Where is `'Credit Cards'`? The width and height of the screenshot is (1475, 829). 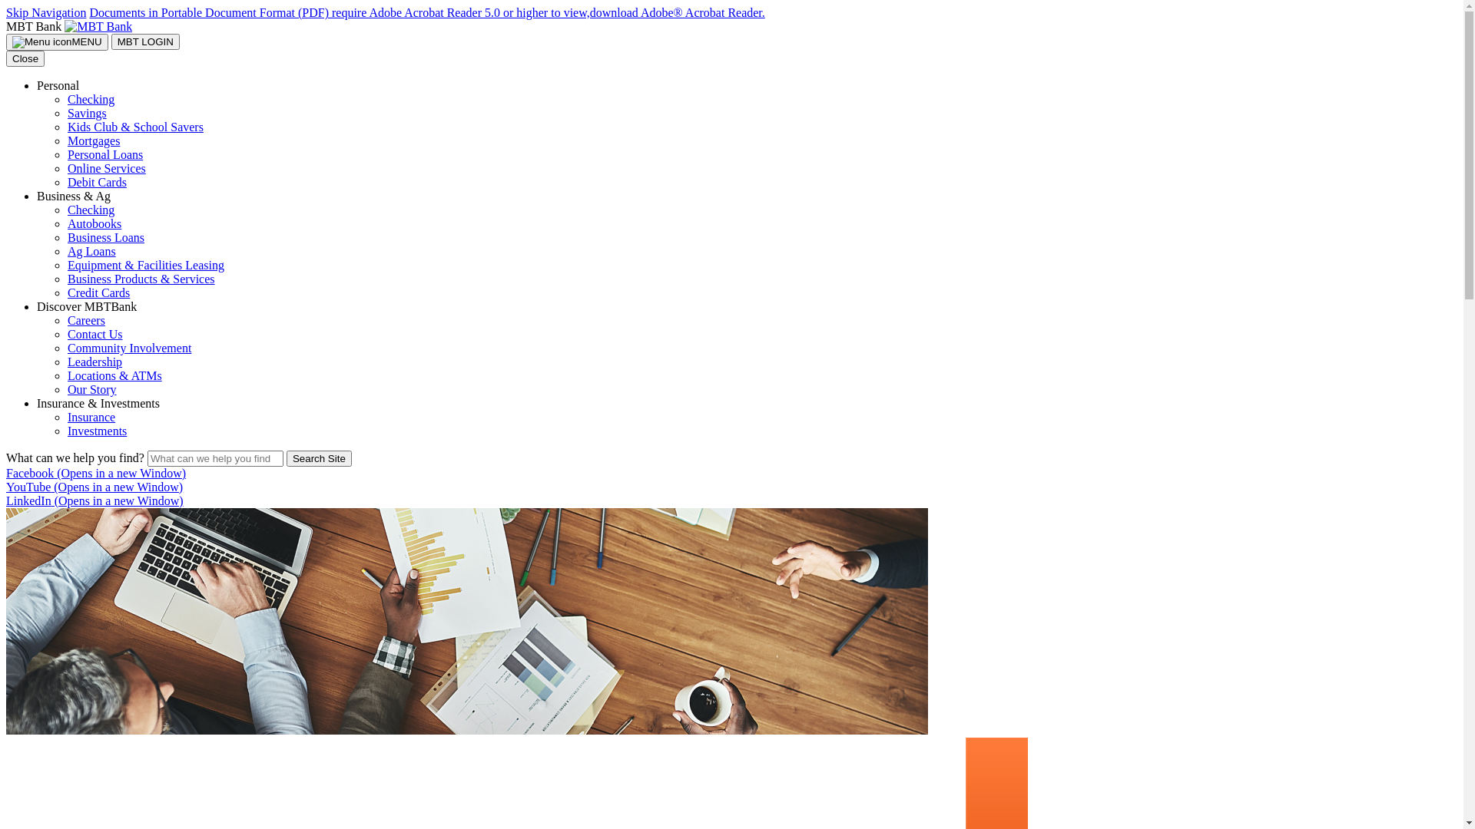 'Credit Cards' is located at coordinates (98, 292).